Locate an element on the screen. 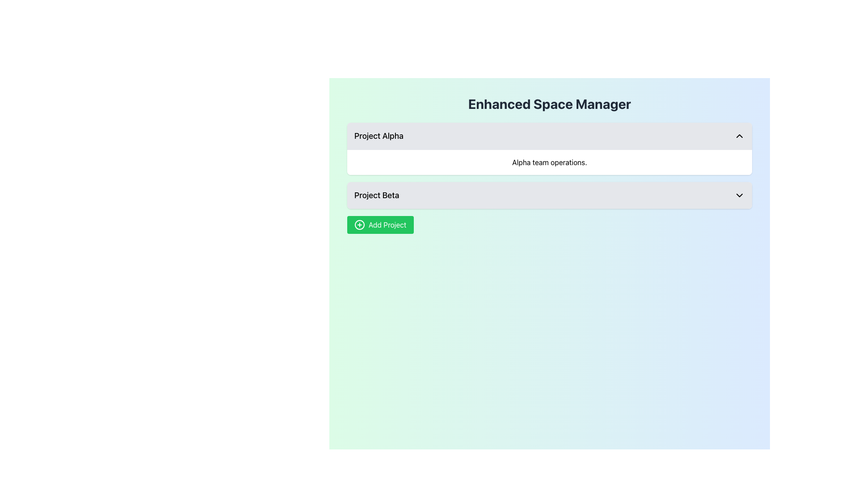  the downward-pointing chevron icon in the lower right corner of the 'Project Beta' section is located at coordinates (740, 195).